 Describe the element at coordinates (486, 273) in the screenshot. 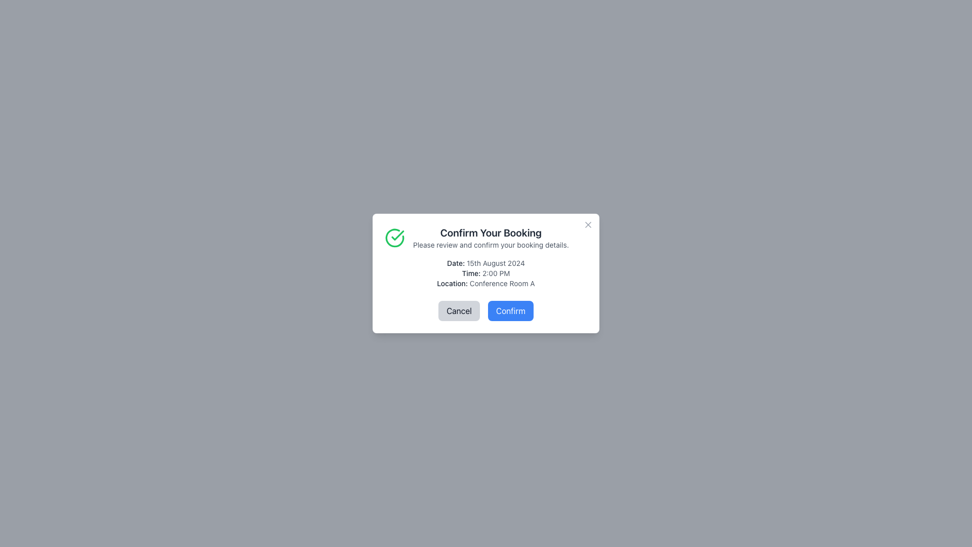

I see `the text display element that presents static information about the date, time, and location, located below the header 'Confirm Your Booking' and above the 'Cancel' and 'Confirm' buttons in the modal dialog` at that location.